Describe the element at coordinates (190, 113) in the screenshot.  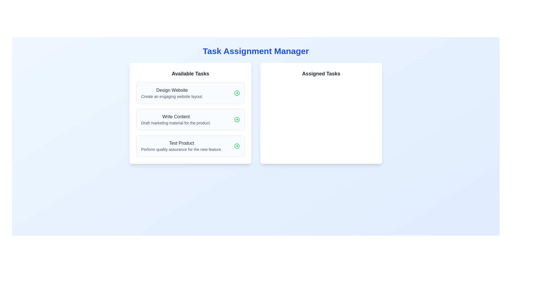
I see `the second task item titled 'Write Content' within the 'Available Tasks' section` at that location.